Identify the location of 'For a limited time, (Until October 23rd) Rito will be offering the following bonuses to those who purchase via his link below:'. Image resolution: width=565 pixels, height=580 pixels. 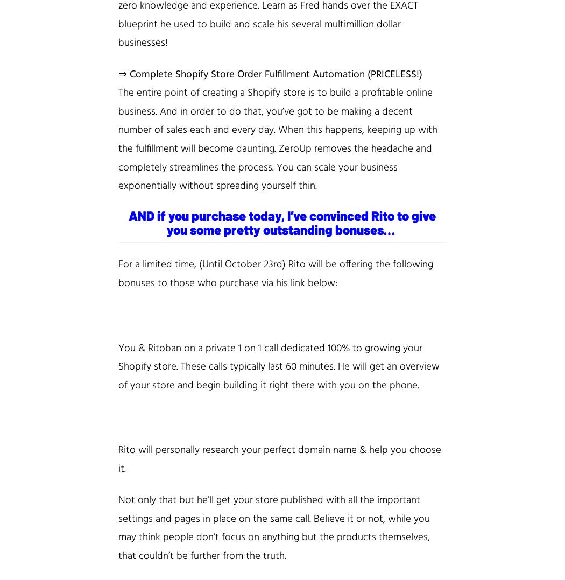
(275, 274).